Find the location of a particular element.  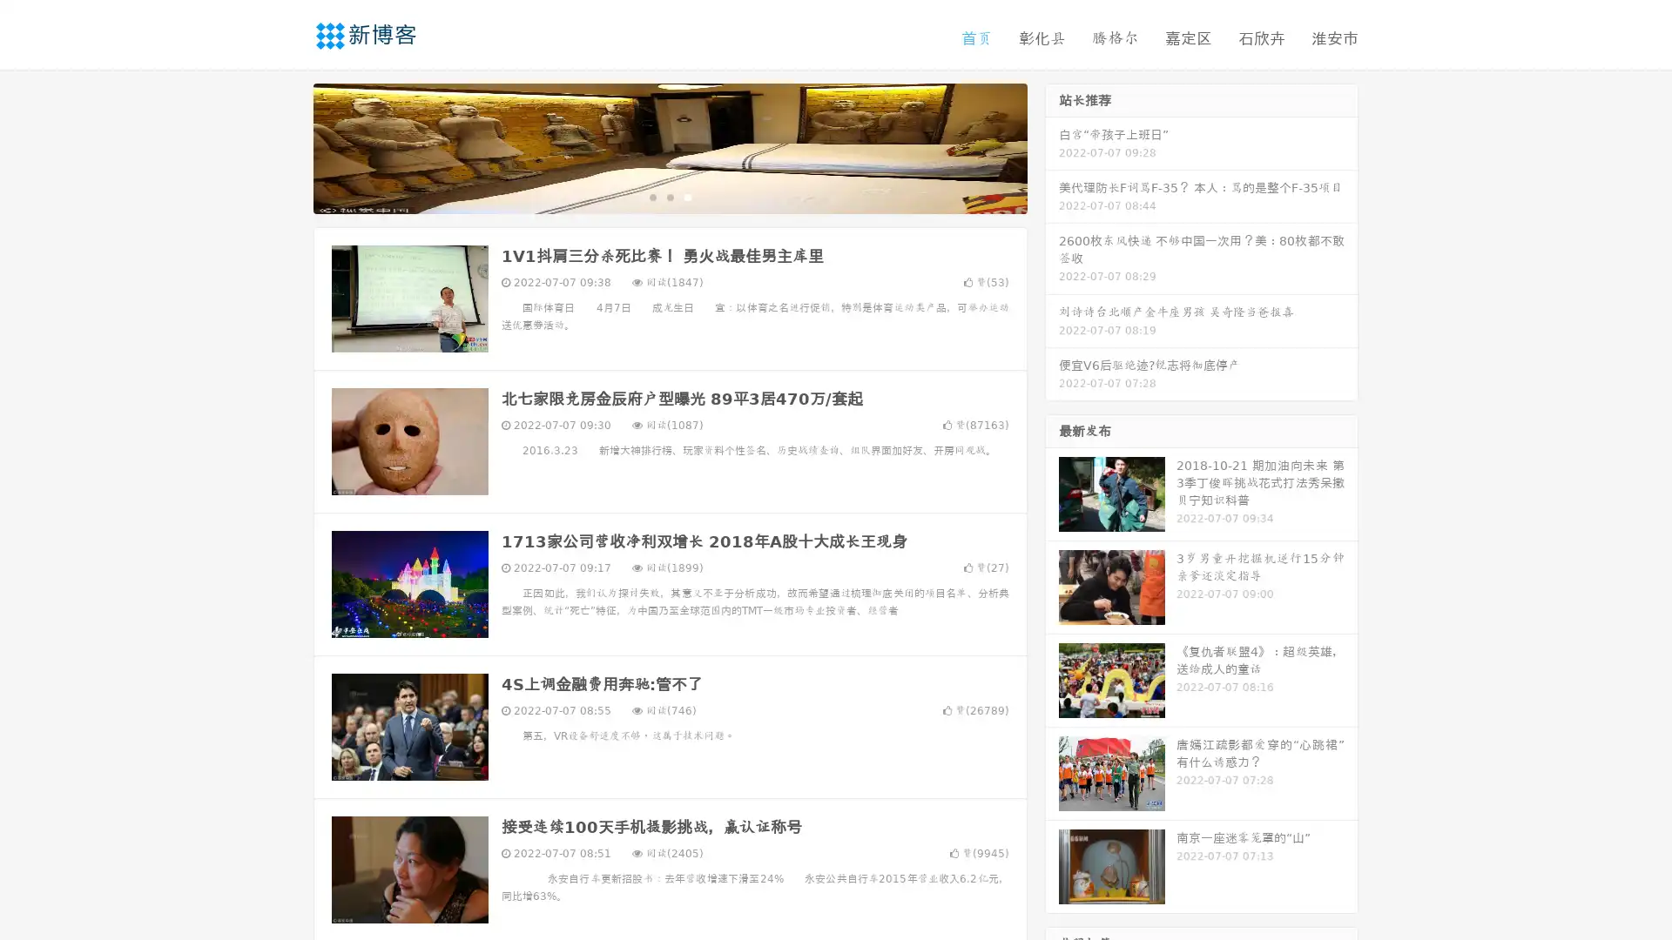

Next slide is located at coordinates (1052, 146).